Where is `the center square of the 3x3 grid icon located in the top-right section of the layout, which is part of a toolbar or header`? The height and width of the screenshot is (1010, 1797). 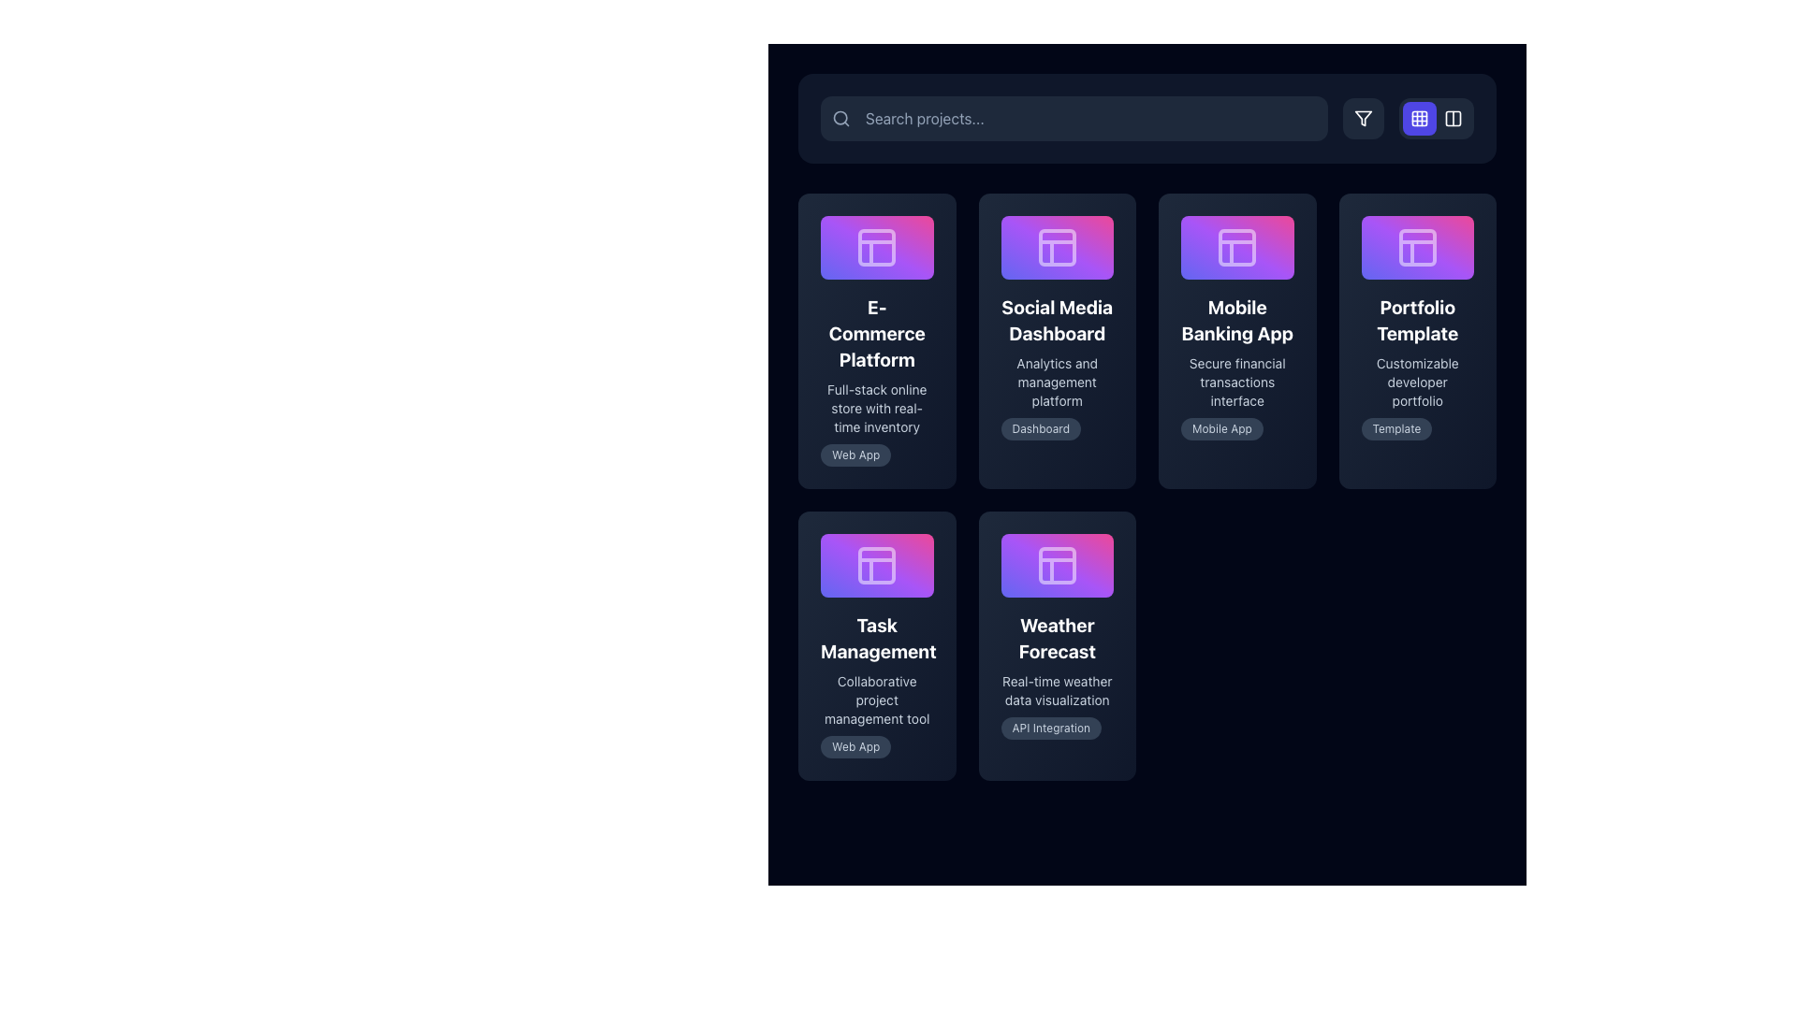
the center square of the 3x3 grid icon located in the top-right section of the layout, which is part of a toolbar or header is located at coordinates (1419, 119).